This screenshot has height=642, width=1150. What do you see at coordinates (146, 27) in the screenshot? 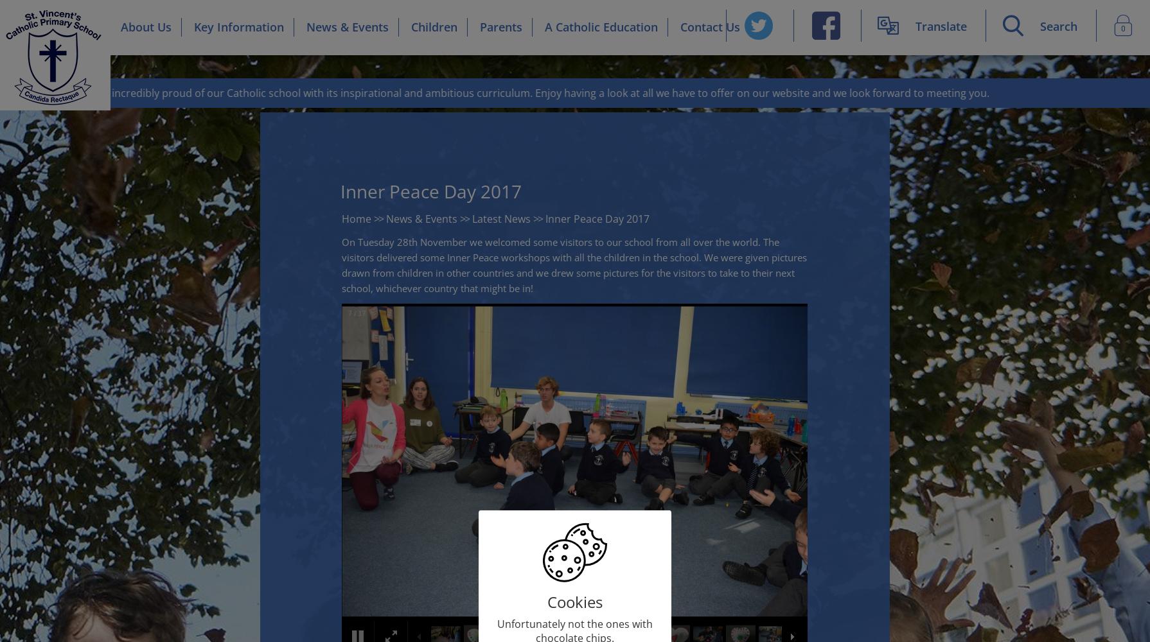
I see `'About Us'` at bounding box center [146, 27].